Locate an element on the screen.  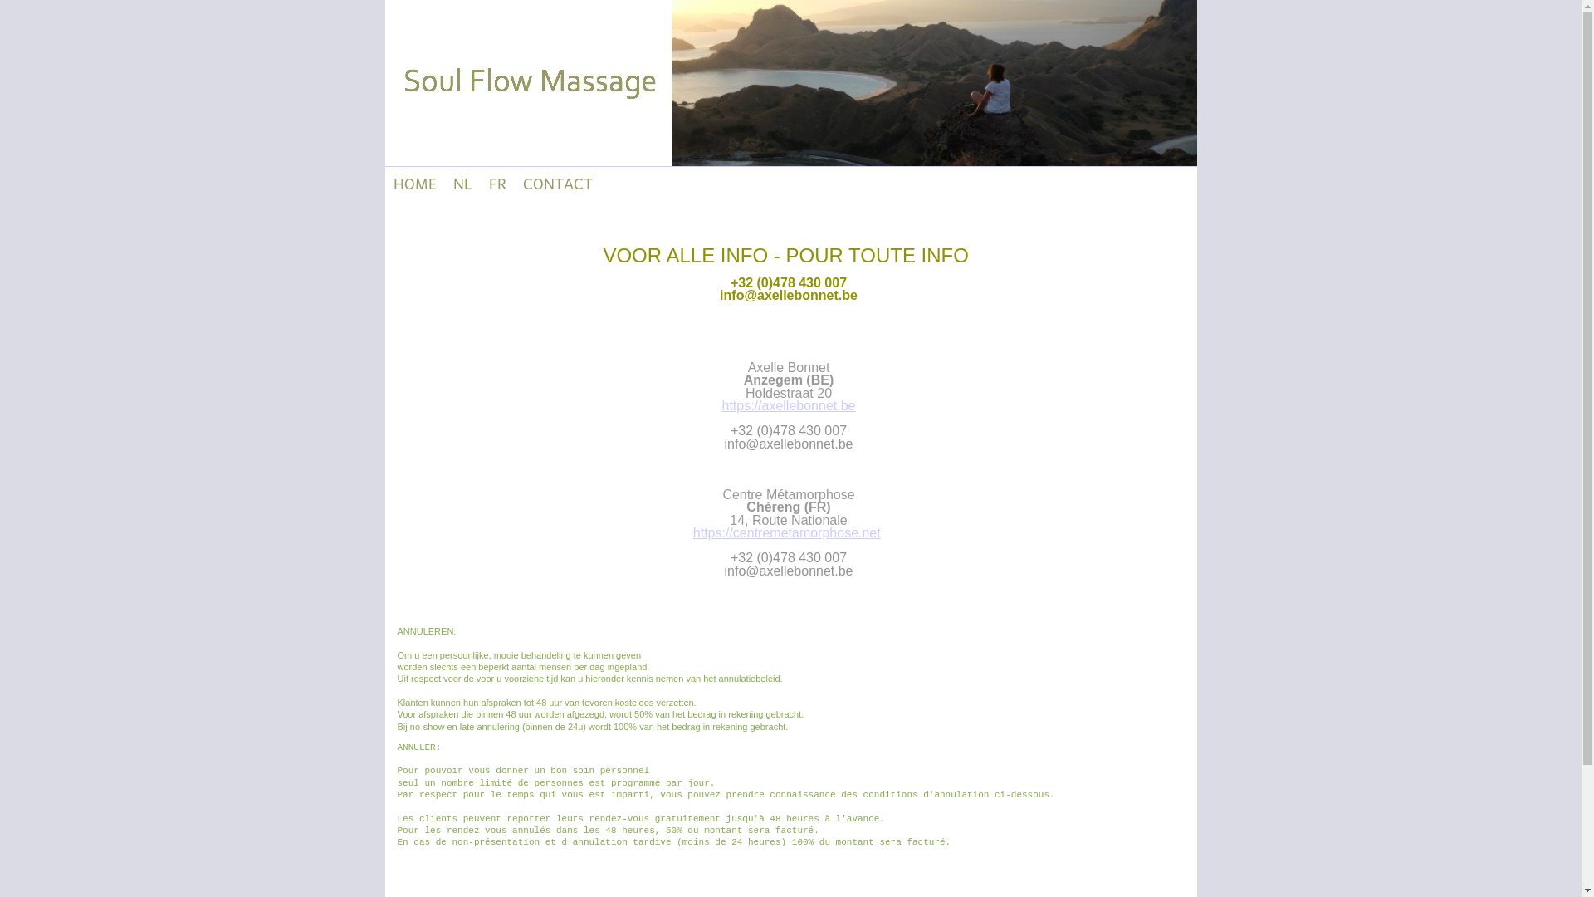
'CONTACT' is located at coordinates (513, 183).